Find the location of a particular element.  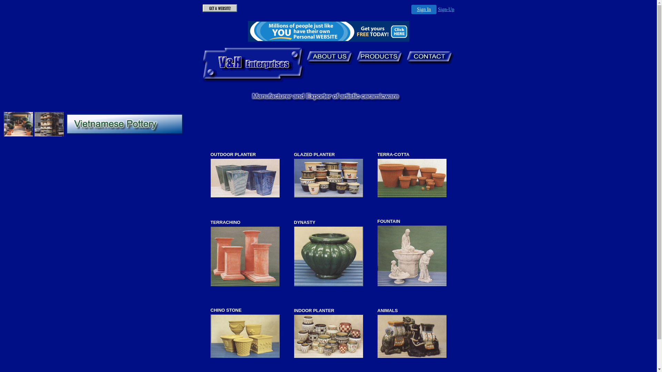

'Sign-Up' is located at coordinates (446, 9).